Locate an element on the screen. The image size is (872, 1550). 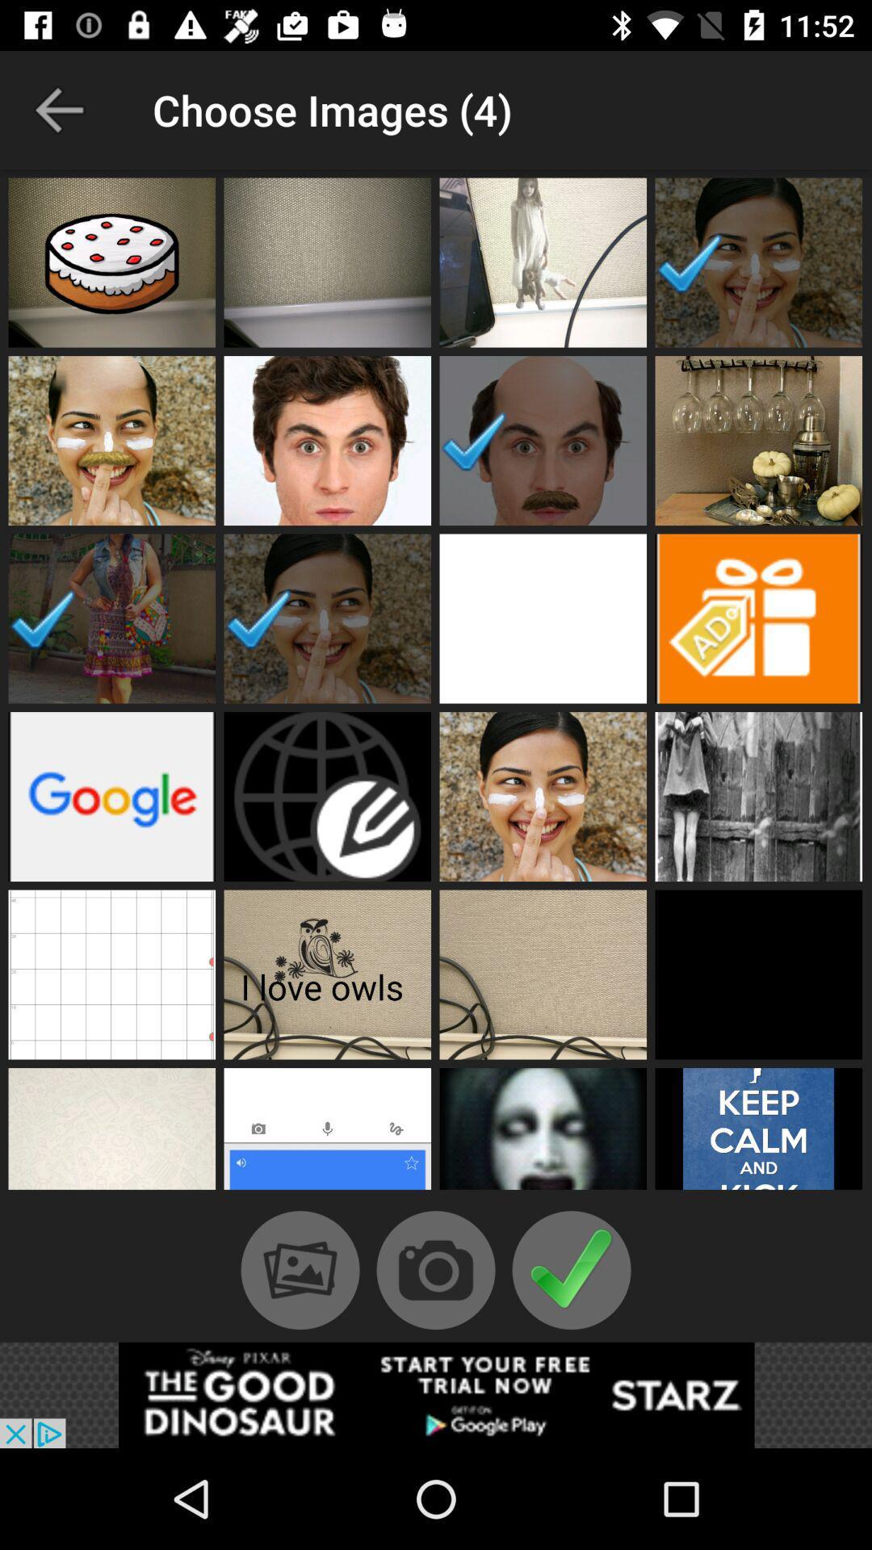
the image in fourth row fourth column is located at coordinates (759, 797).